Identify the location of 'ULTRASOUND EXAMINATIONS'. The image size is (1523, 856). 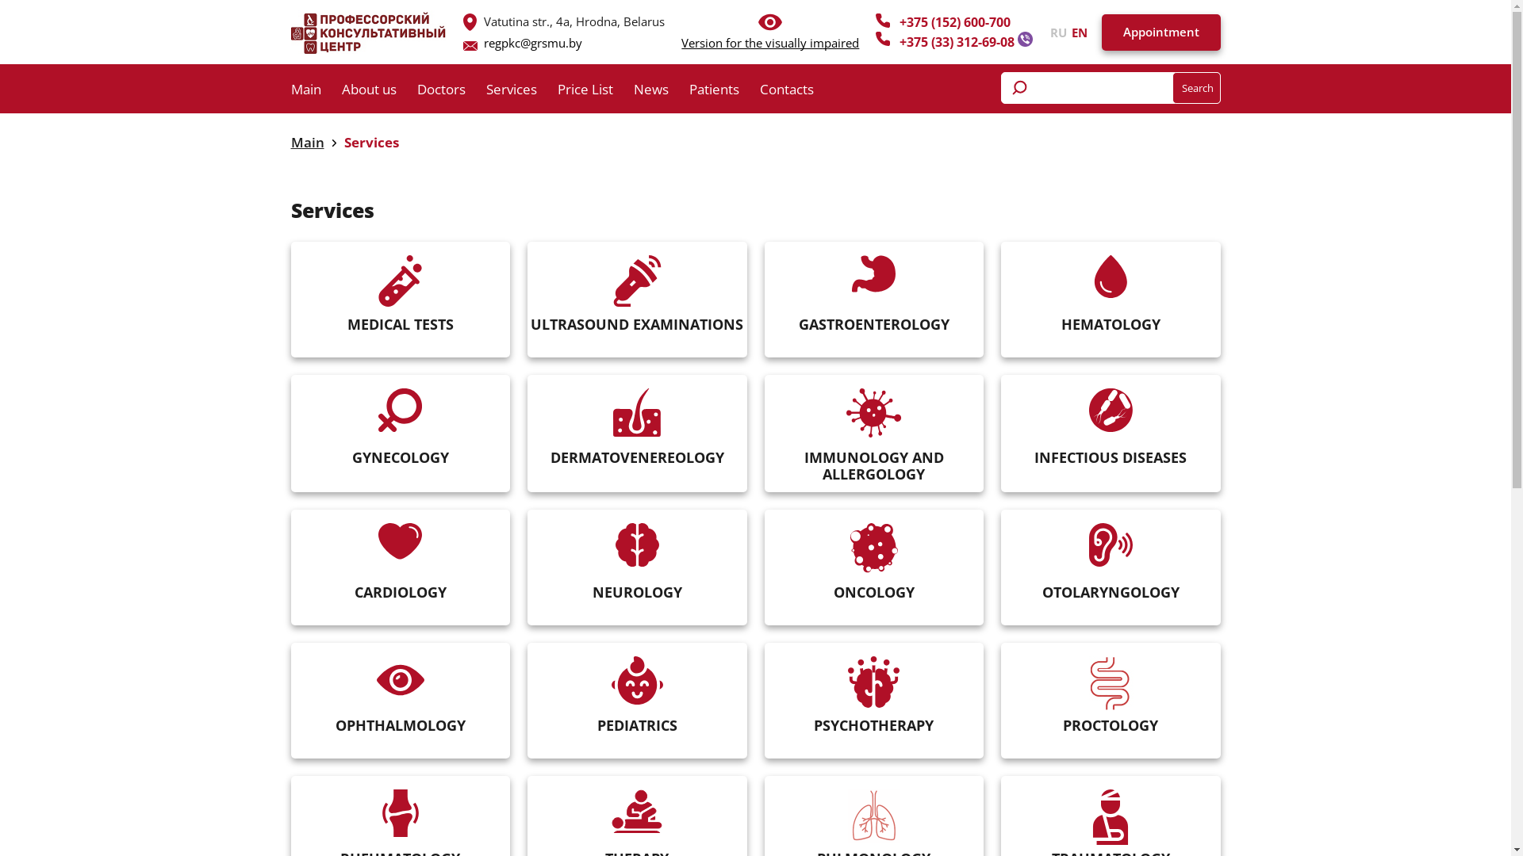
(528, 300).